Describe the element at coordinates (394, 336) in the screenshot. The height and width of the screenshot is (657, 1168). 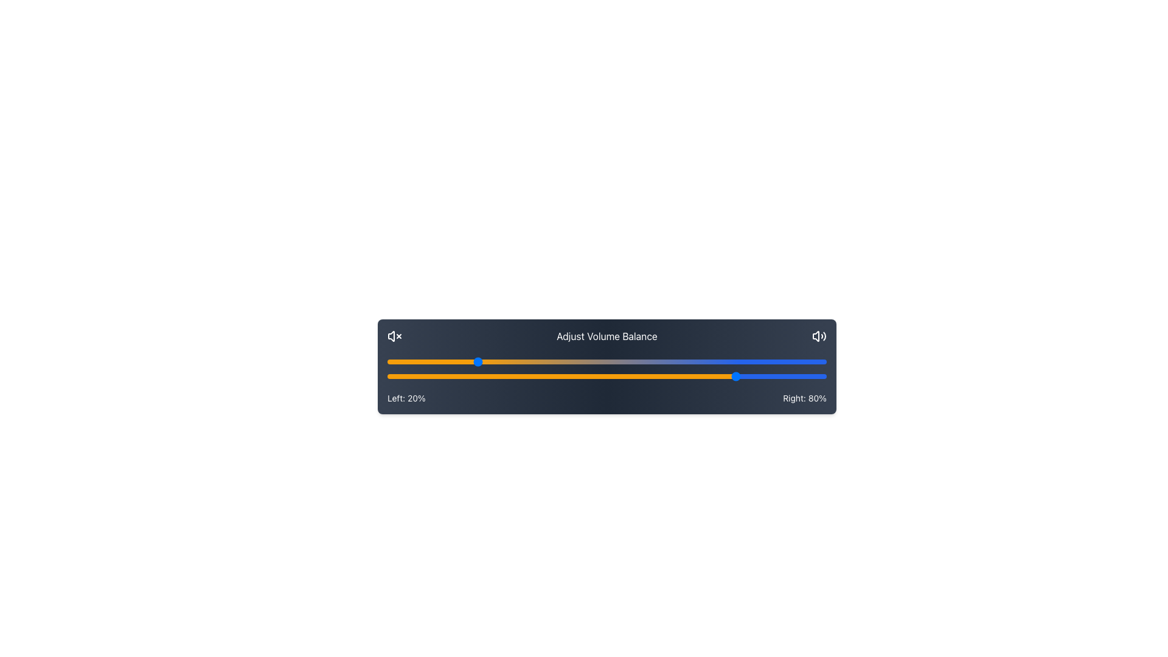
I see `the mute volume icon located on the far left of the 'Adjust Volume Balance' grouping` at that location.